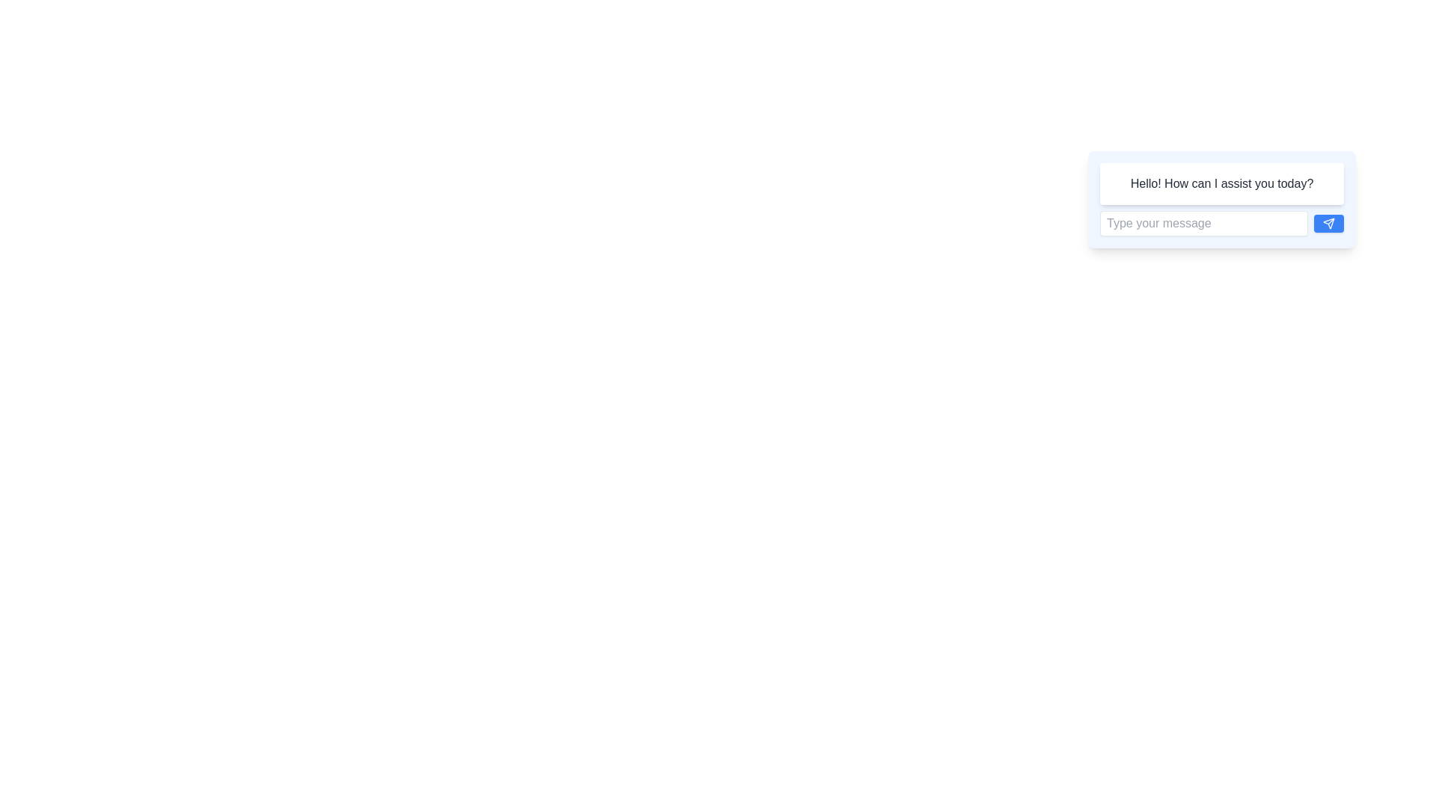  I want to click on the paper airplane icon located at the bottom right corner of the chat interface, so click(1328, 224).